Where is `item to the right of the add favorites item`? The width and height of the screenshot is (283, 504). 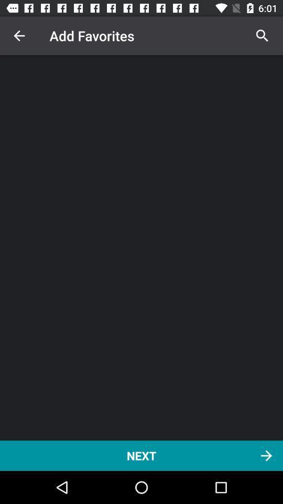
item to the right of the add favorites item is located at coordinates (262, 36).